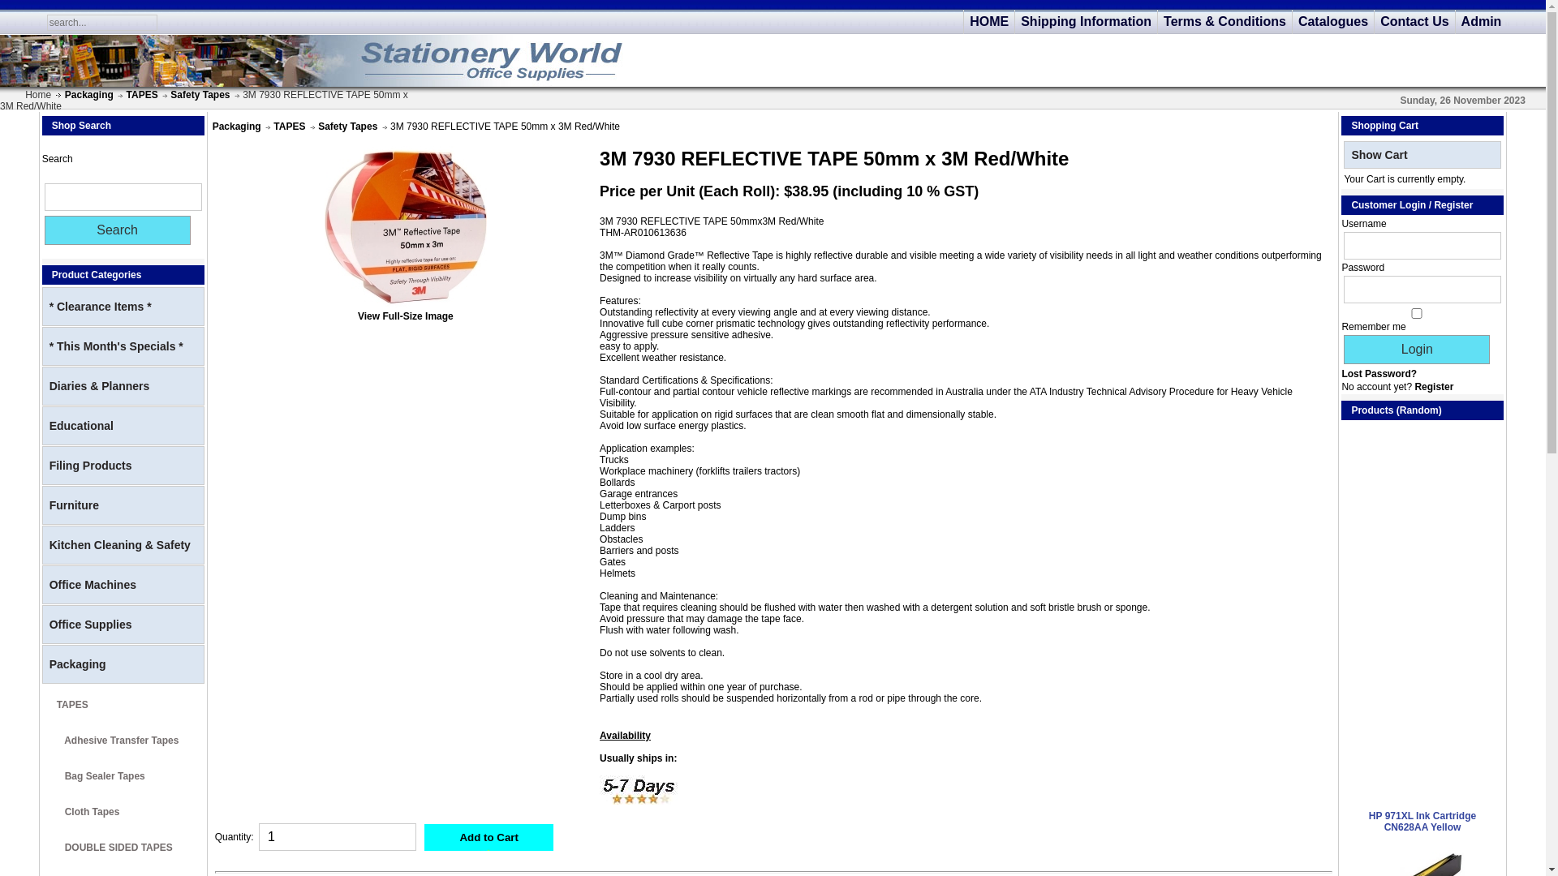  Describe the element at coordinates (116, 230) in the screenshot. I see `'Search'` at that location.